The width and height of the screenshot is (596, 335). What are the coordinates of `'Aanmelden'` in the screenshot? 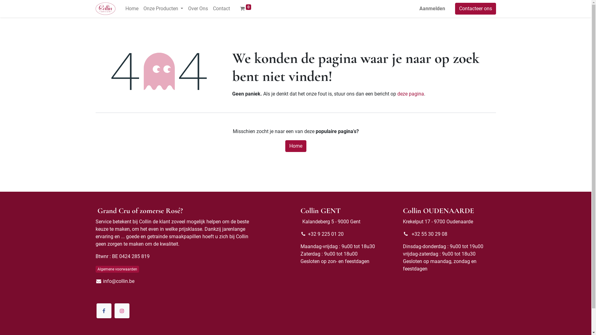 It's located at (431, 8).